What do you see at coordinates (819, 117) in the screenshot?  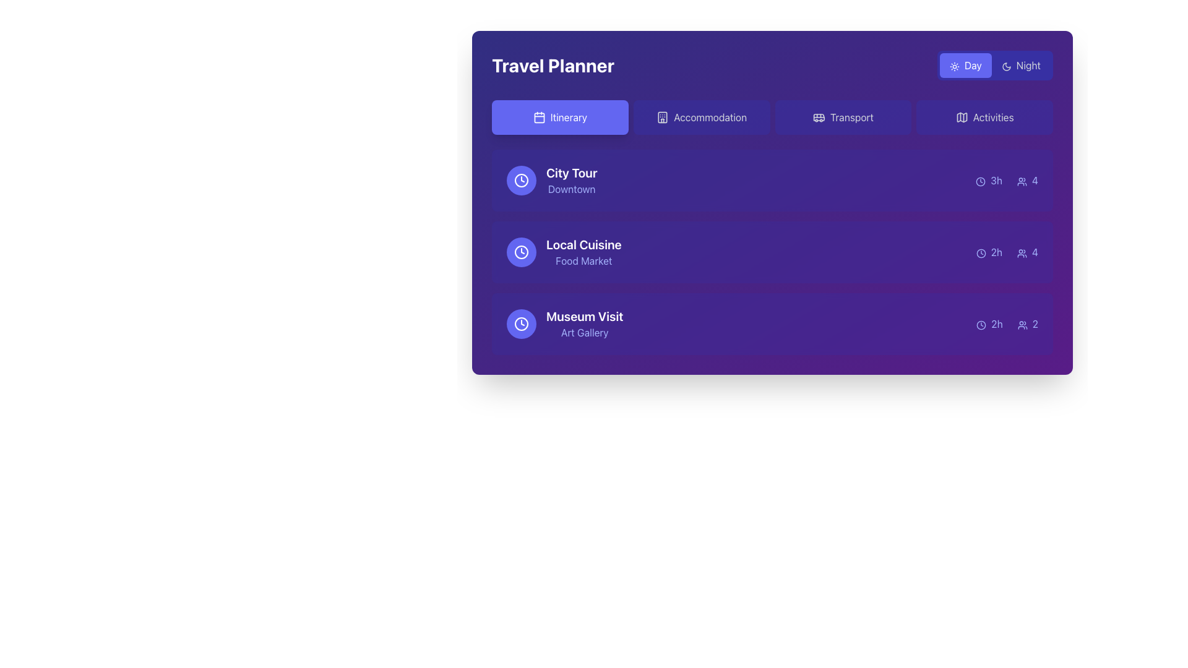 I see `the bus icon in the navigation bar under the 'Transport' menu item, which is located between 'Accommodation' and 'Activities'` at bounding box center [819, 117].